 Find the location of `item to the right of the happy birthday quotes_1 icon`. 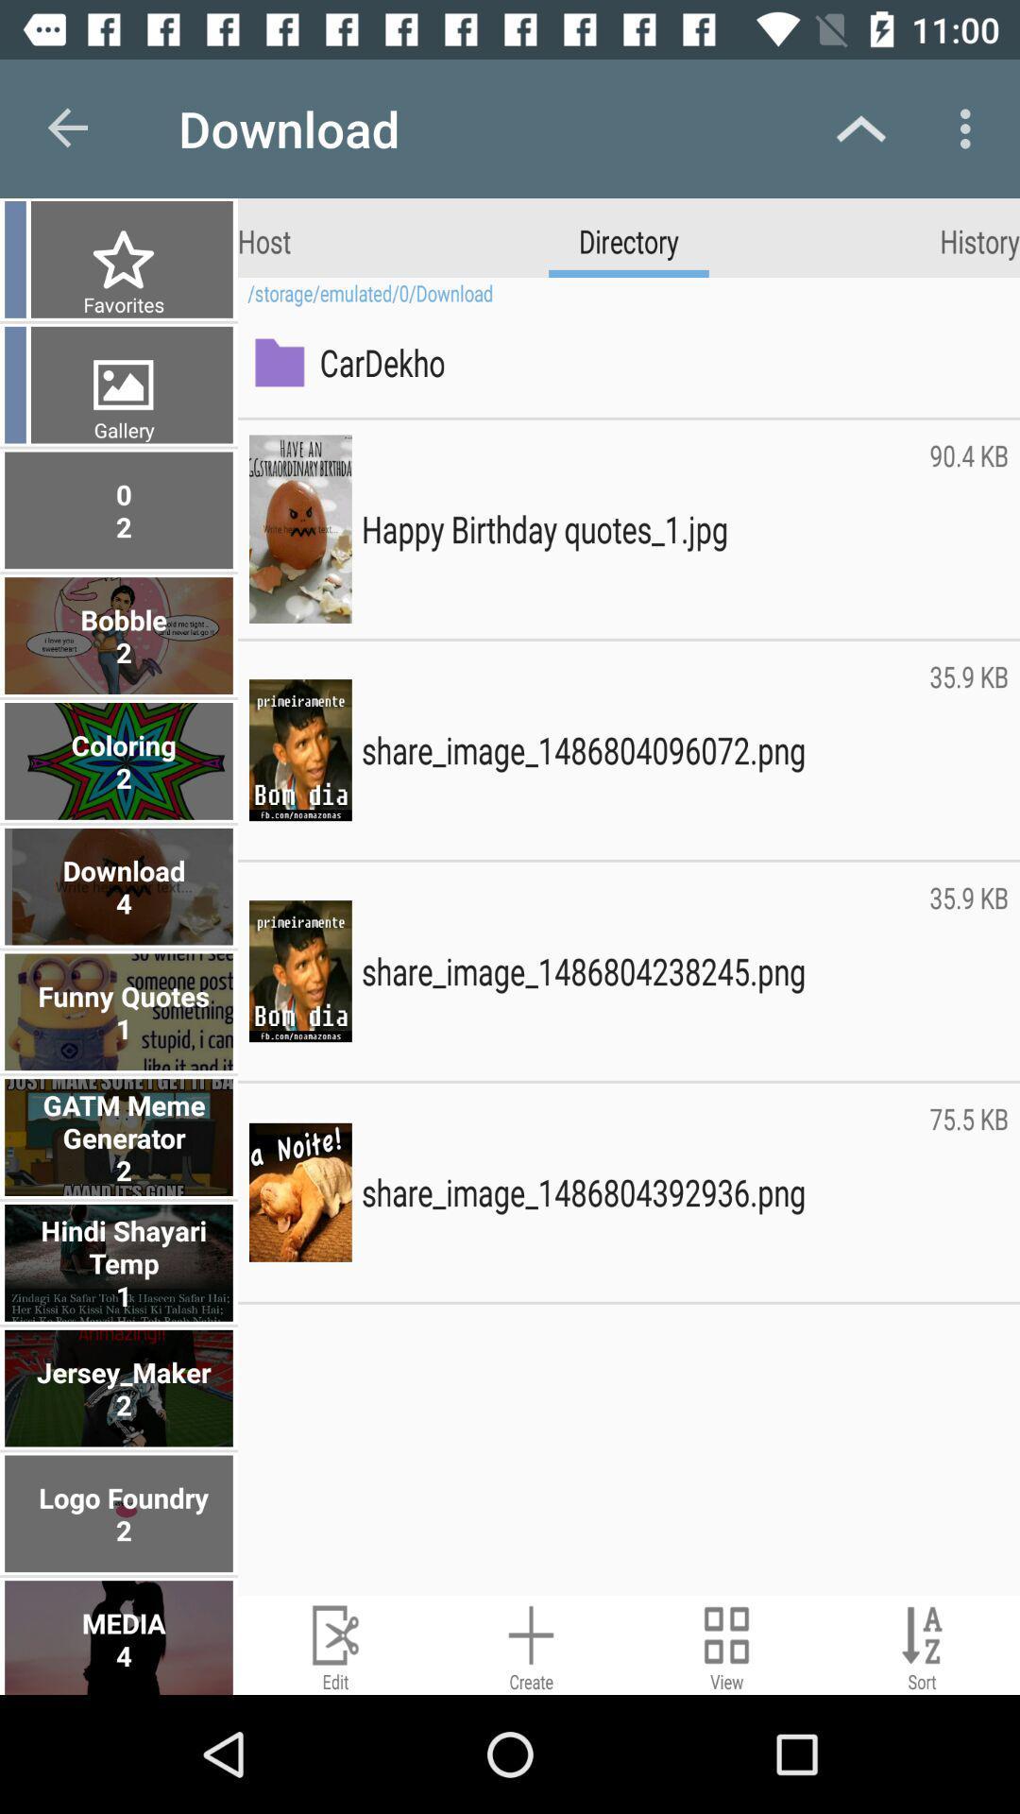

item to the right of the happy birthday quotes_1 icon is located at coordinates (969, 529).